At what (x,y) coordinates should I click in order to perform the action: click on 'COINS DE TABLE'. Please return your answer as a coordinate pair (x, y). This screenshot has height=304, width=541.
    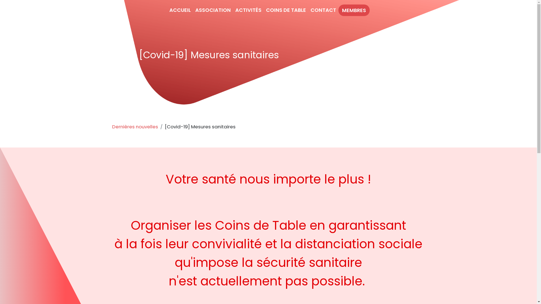
    Looking at the image, I should click on (286, 10).